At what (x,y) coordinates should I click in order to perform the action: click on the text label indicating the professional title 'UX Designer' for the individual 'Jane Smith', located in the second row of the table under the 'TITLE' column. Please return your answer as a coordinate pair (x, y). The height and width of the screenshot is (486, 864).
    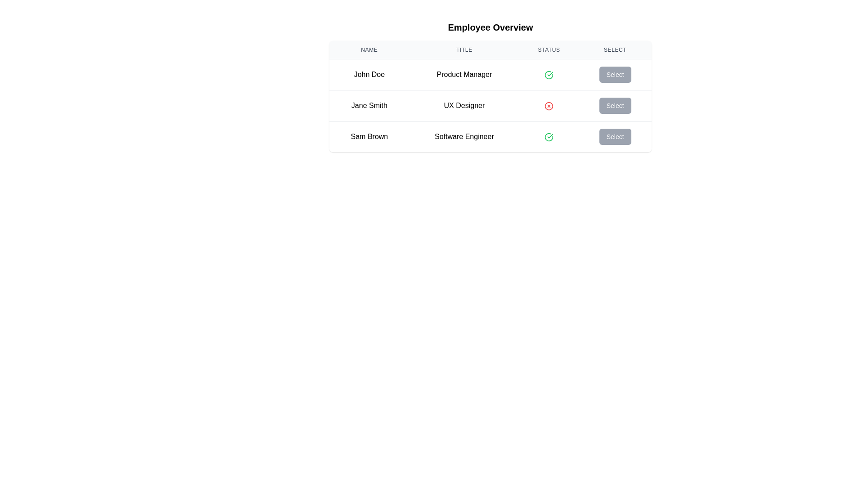
    Looking at the image, I should click on (464, 105).